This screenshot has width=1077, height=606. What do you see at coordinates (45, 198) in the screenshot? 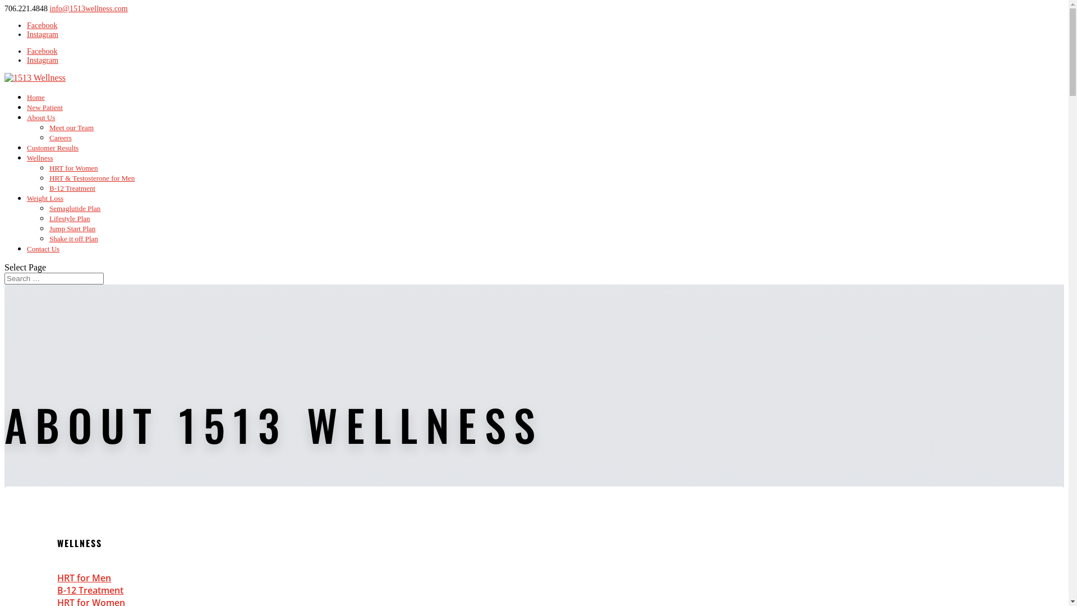
I see `'Weight Loss'` at bounding box center [45, 198].